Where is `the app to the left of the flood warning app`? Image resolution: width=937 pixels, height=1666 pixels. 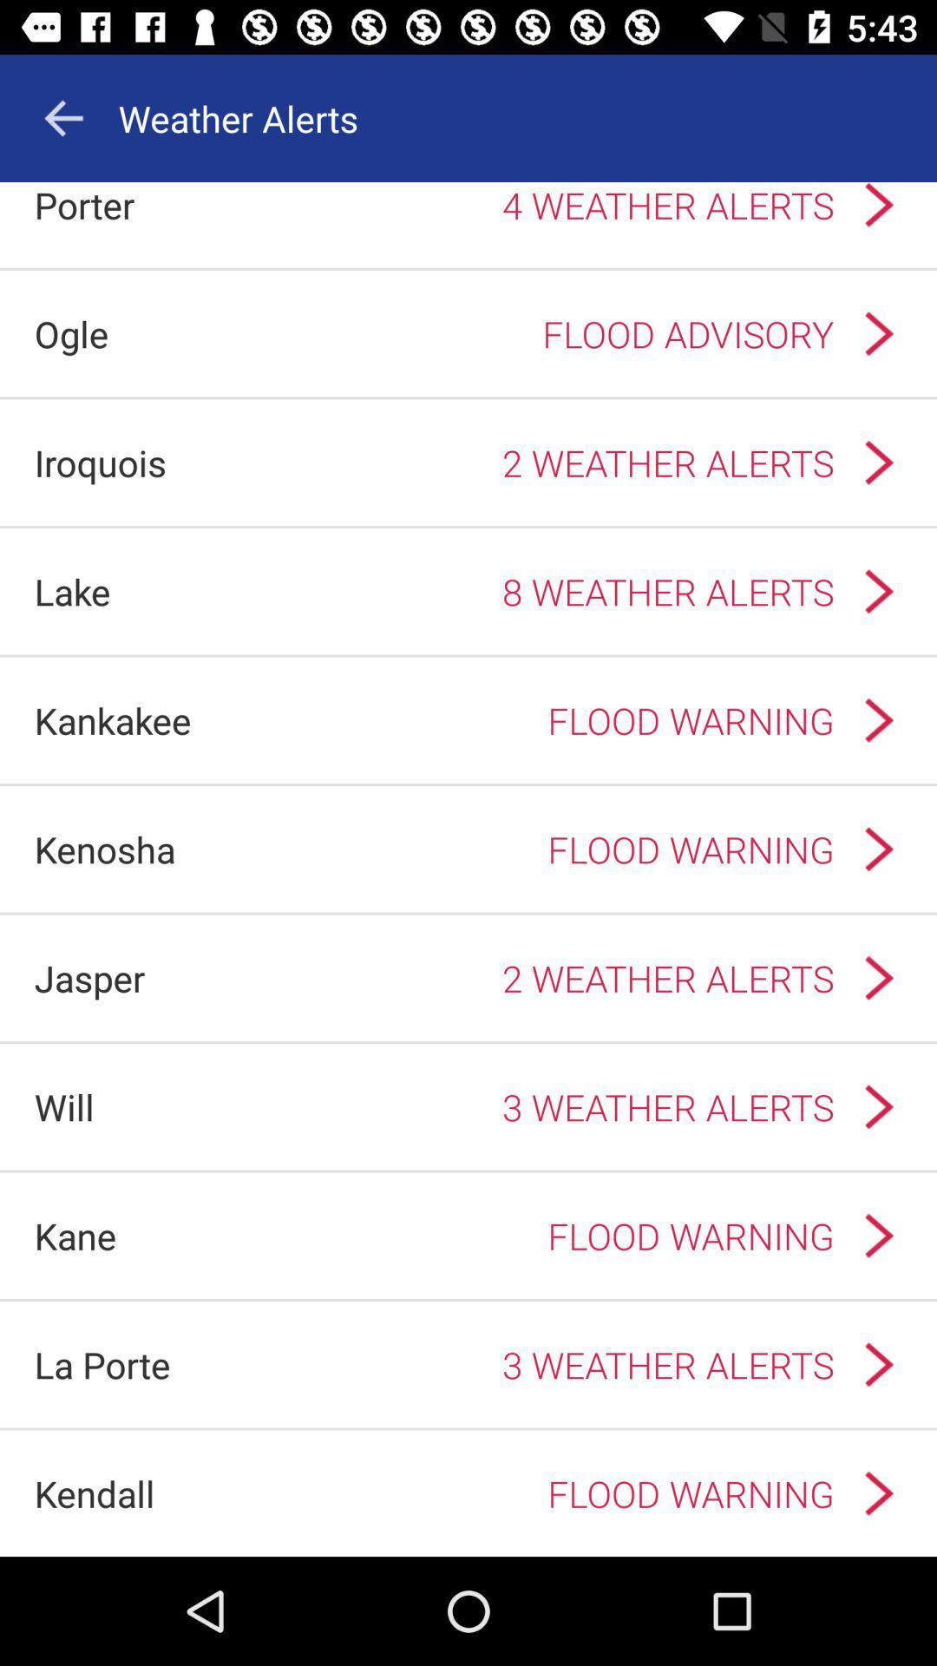 the app to the left of the flood warning app is located at coordinates (105, 849).